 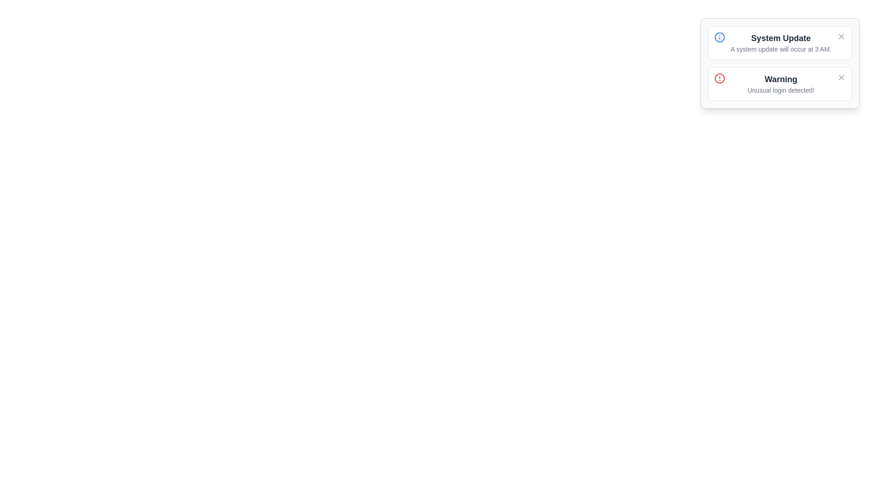 I want to click on the 'System Update' text label, which is displayed in a bold, large font at the top of a notification card with a white background, so click(x=780, y=38).